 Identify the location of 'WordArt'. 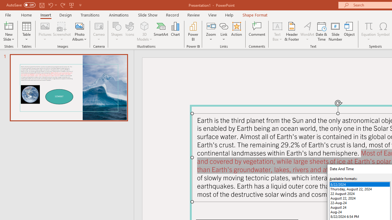
(307, 31).